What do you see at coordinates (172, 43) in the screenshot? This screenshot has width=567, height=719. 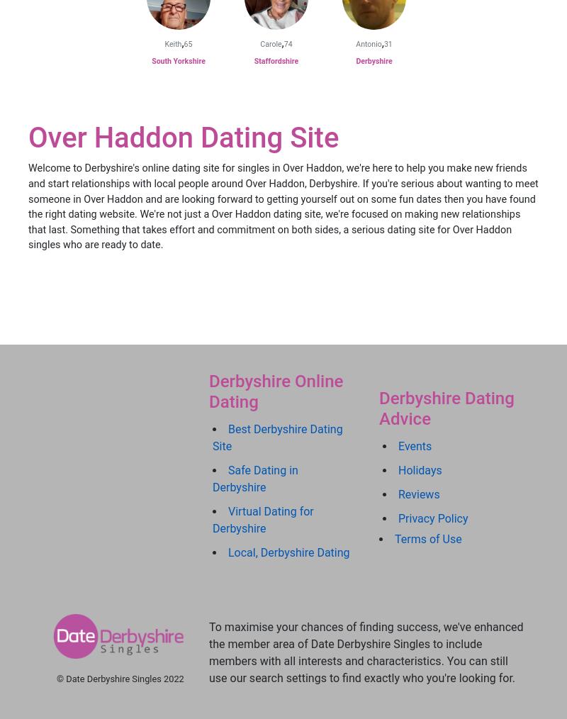 I see `'Keith'` at bounding box center [172, 43].